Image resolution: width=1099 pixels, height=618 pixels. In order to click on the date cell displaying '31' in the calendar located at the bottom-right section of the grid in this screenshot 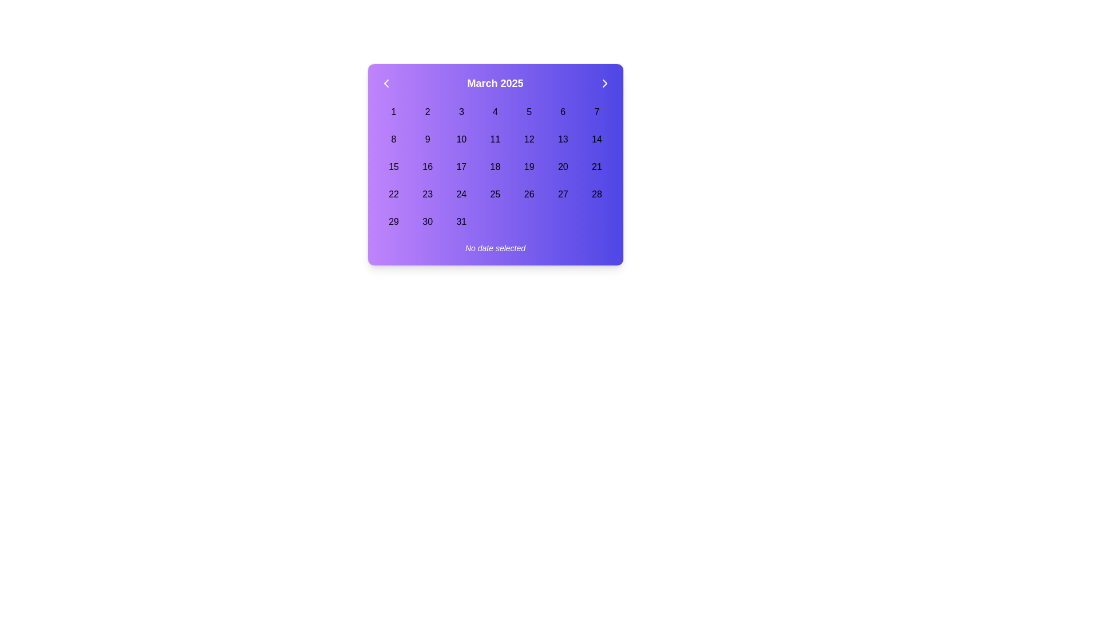, I will do `click(461, 222)`.